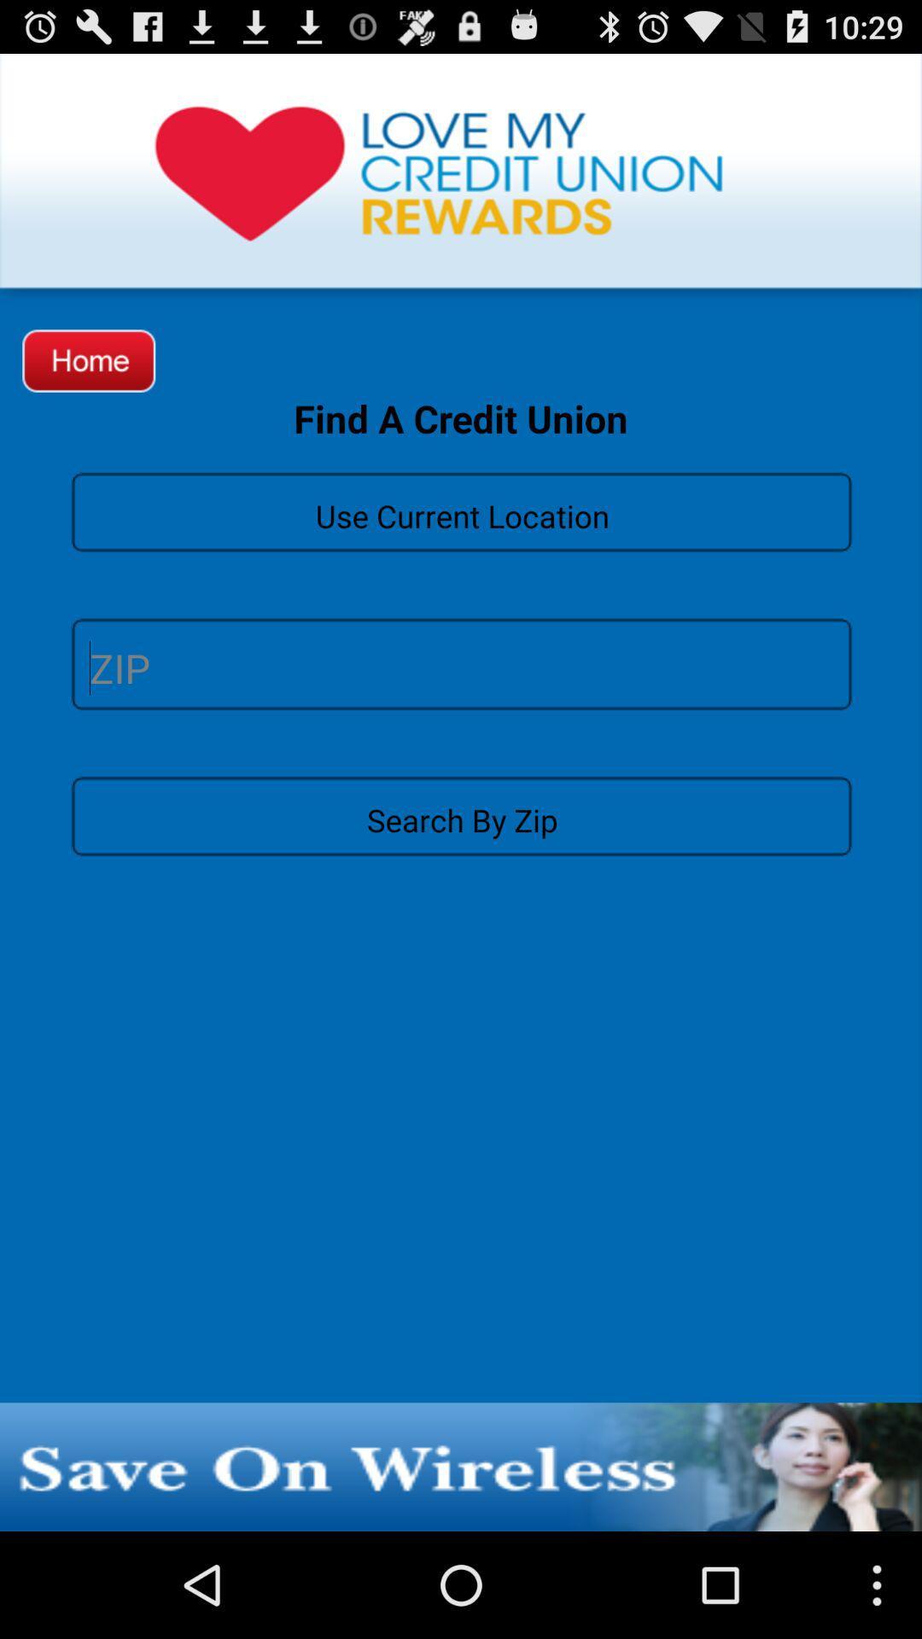  Describe the element at coordinates (89, 359) in the screenshot. I see `button above the use current location item` at that location.